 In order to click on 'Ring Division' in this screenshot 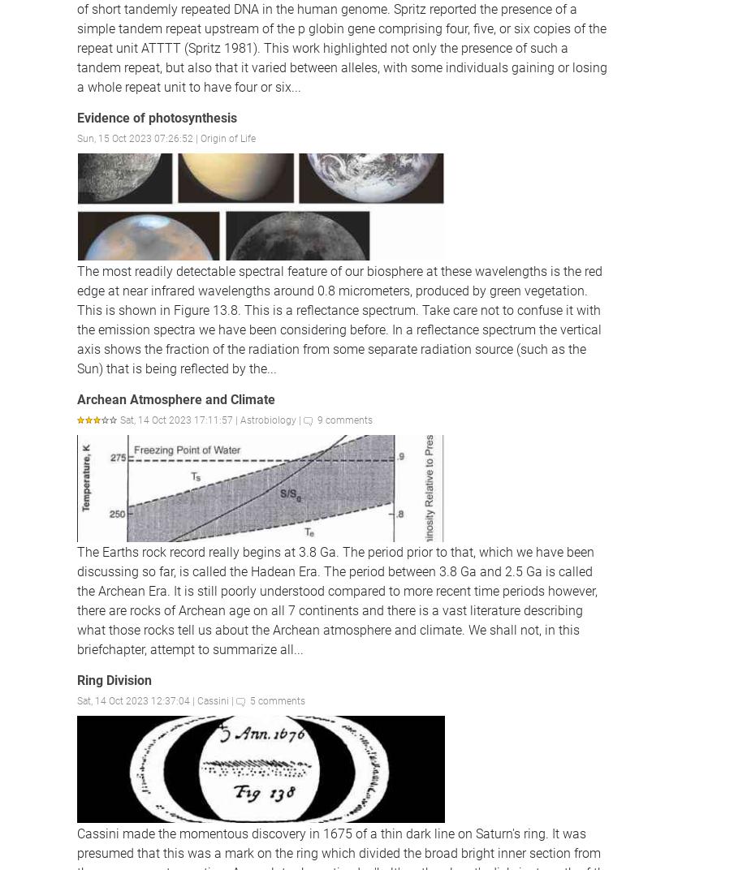, I will do `click(114, 679)`.